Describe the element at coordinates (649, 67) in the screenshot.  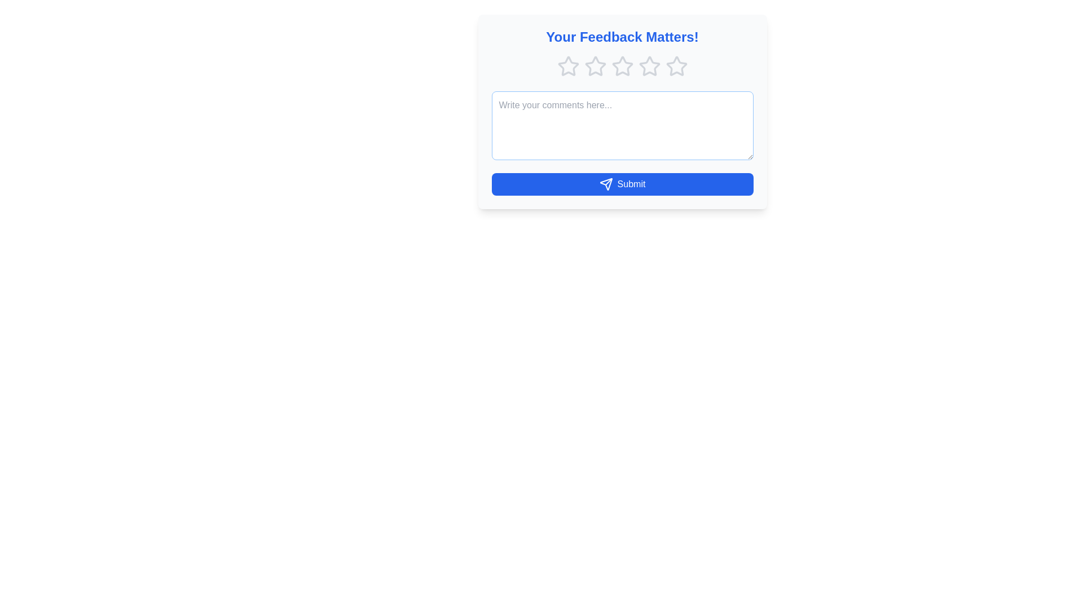
I see `the fourth star icon in the rating system` at that location.